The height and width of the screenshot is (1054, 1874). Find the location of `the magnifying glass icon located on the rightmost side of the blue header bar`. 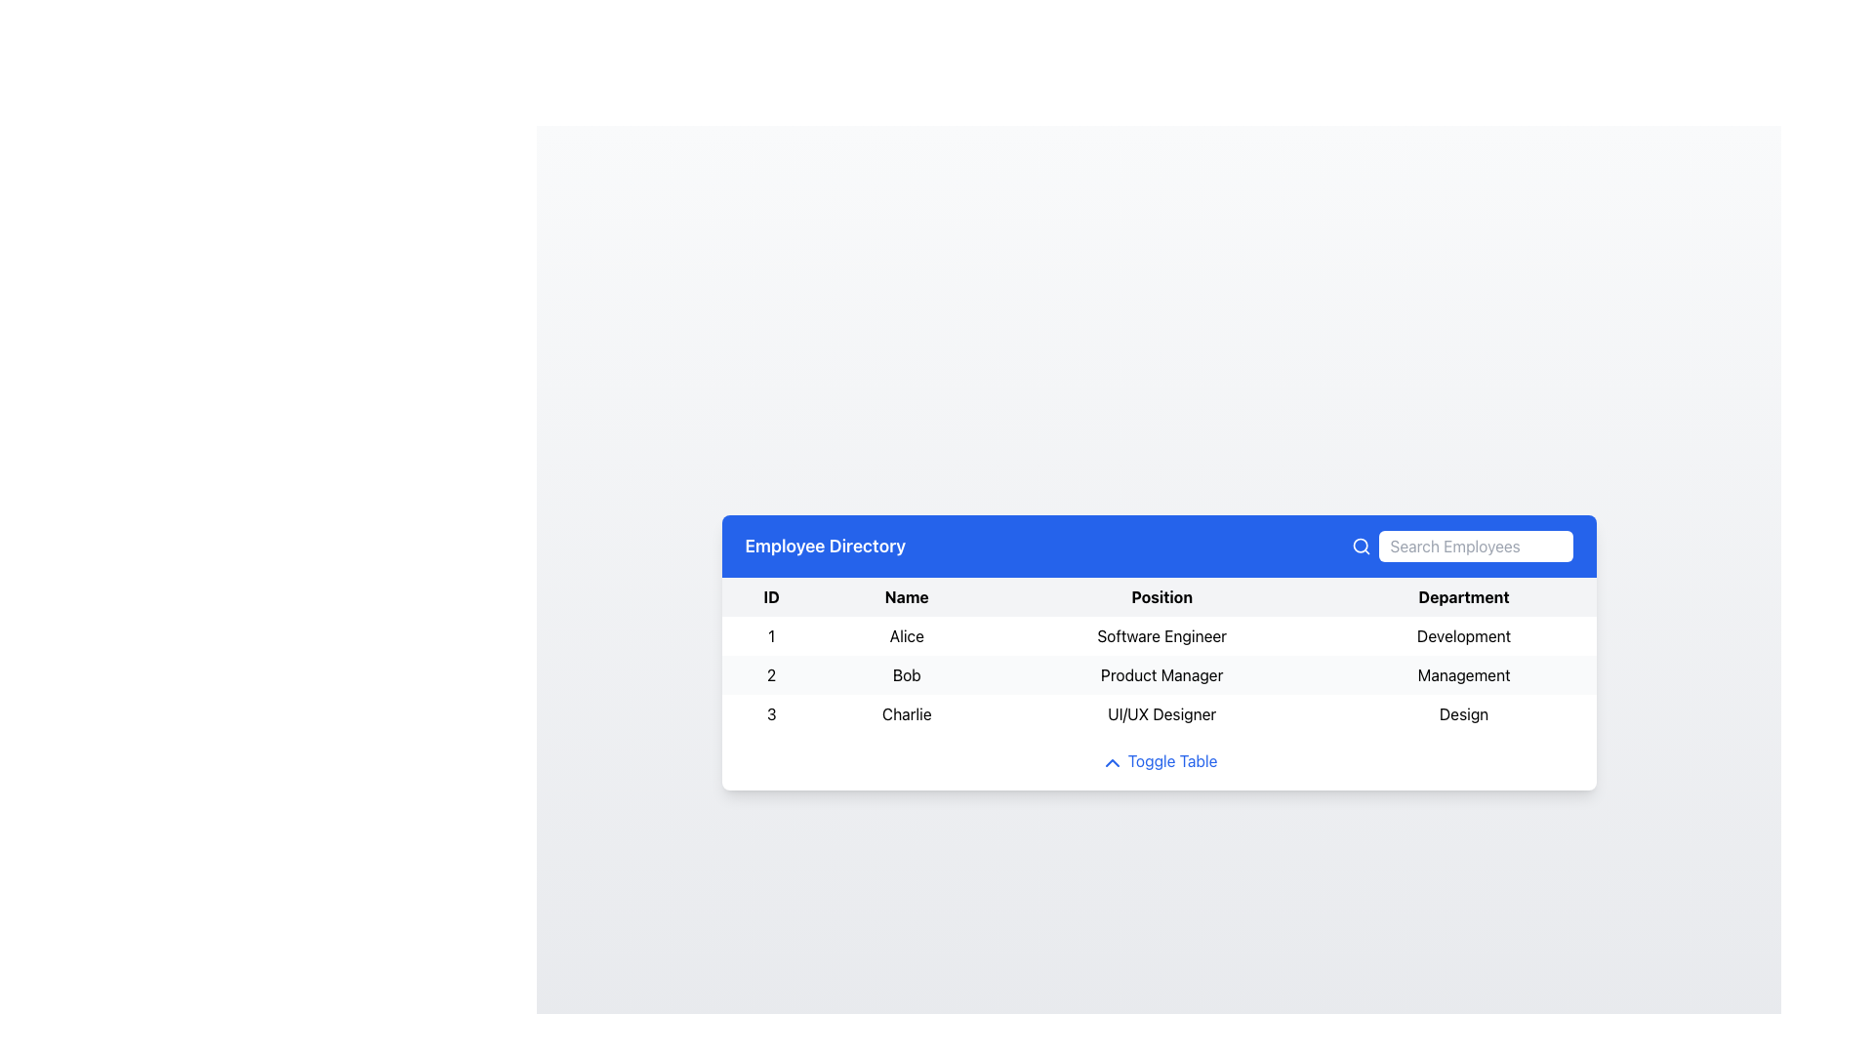

the magnifying glass icon located on the rightmost side of the blue header bar is located at coordinates (1360, 547).